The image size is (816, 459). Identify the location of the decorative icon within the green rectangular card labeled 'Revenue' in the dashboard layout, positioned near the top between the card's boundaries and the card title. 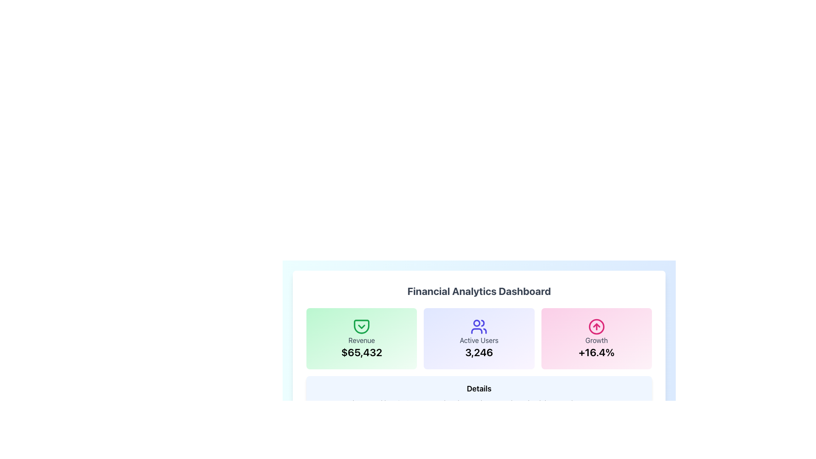
(362, 326).